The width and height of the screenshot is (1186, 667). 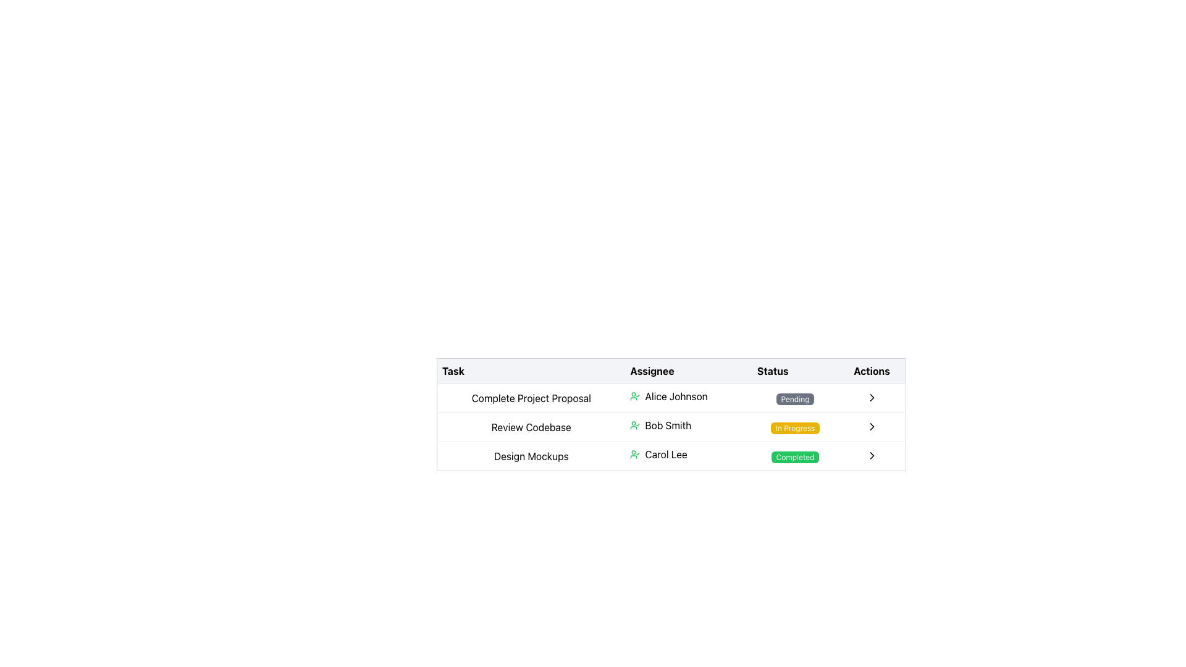 I want to click on the navigational aid icon located in the last column of the second row of the table interface, so click(x=871, y=455).